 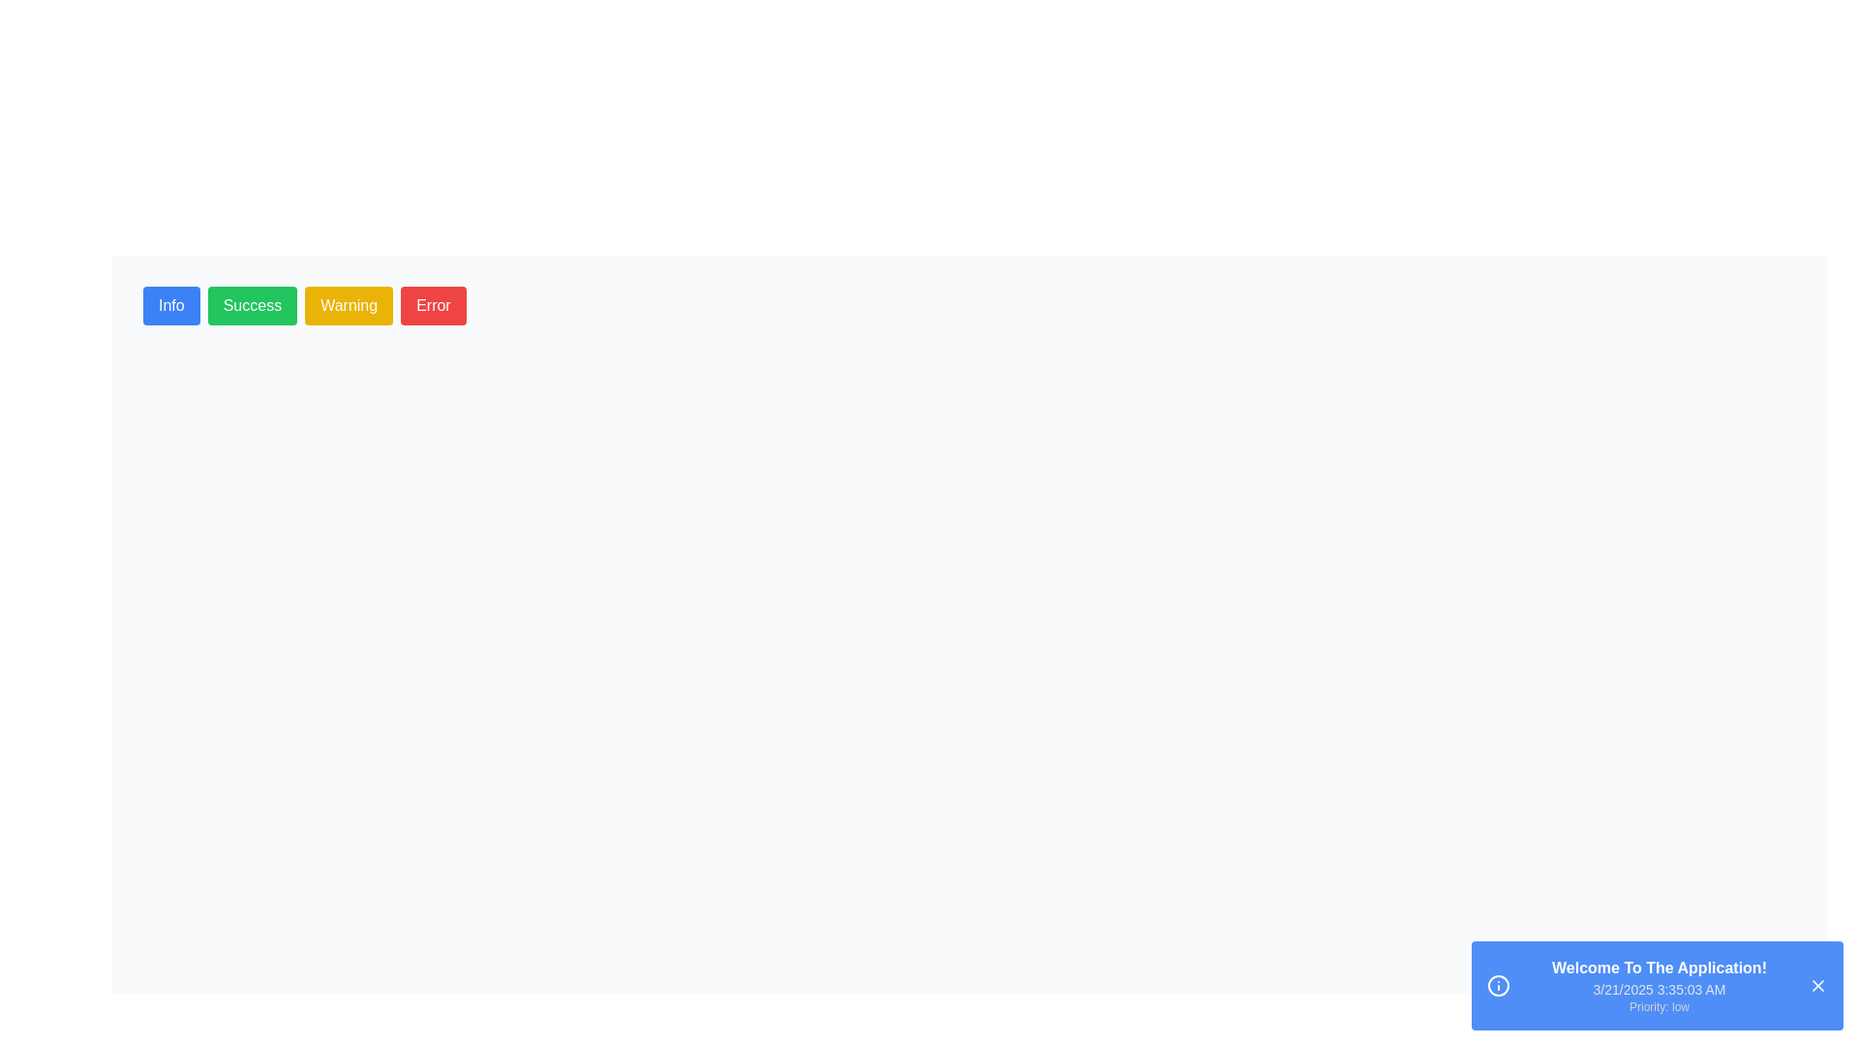 What do you see at coordinates (171, 305) in the screenshot?
I see `the blue rectangular button labeled 'Info' with white text` at bounding box center [171, 305].